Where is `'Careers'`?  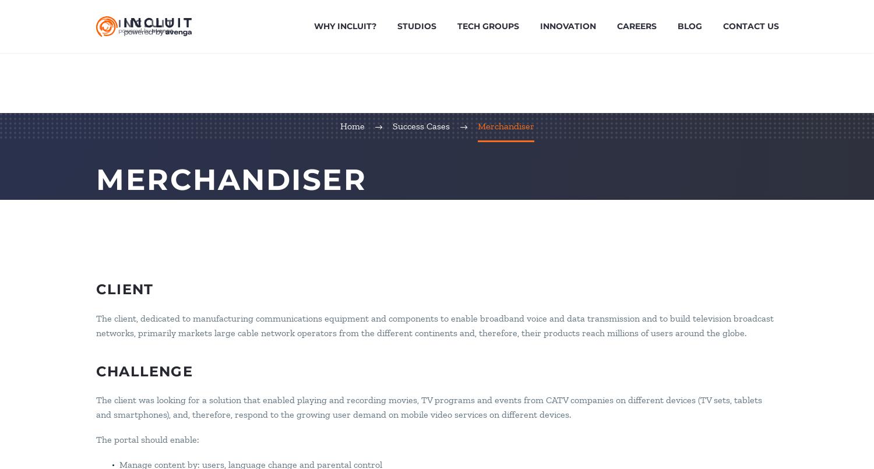
'Careers' is located at coordinates (636, 26).